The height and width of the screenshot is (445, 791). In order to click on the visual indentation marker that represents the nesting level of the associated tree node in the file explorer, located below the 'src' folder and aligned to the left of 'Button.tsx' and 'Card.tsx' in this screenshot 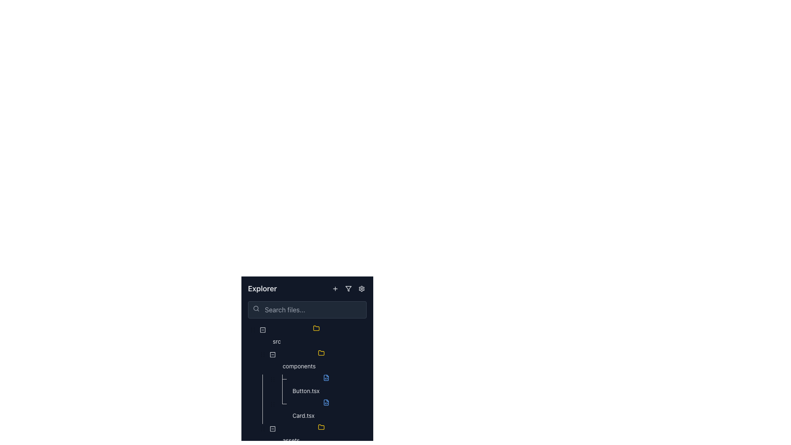, I will do `click(262, 410)`.